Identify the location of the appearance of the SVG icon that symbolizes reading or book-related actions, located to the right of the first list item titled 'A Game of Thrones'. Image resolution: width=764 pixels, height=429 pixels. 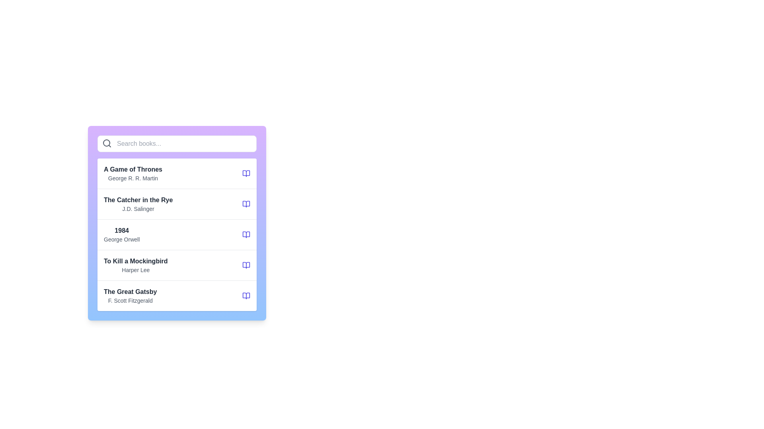
(246, 173).